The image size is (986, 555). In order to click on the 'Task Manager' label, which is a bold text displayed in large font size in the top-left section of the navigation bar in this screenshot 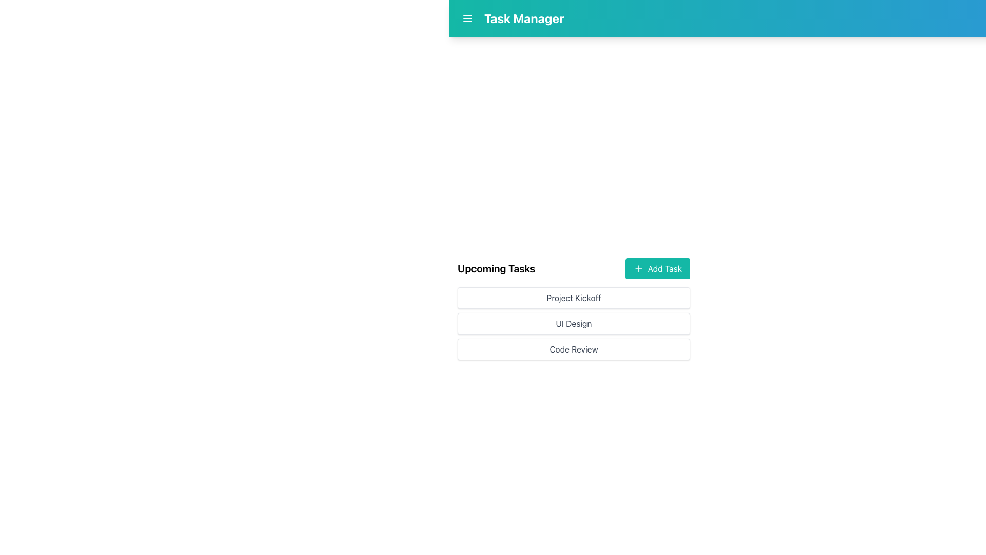, I will do `click(510, 18)`.